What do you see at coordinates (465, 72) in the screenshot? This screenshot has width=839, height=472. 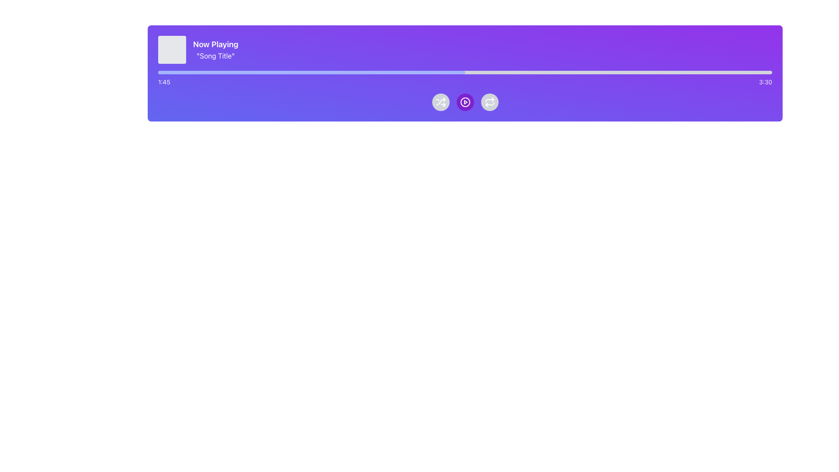 I see `the horizontal progress bar located at the top-center region of the player interface, which has a light gray background and a filled light indigo portion` at bounding box center [465, 72].